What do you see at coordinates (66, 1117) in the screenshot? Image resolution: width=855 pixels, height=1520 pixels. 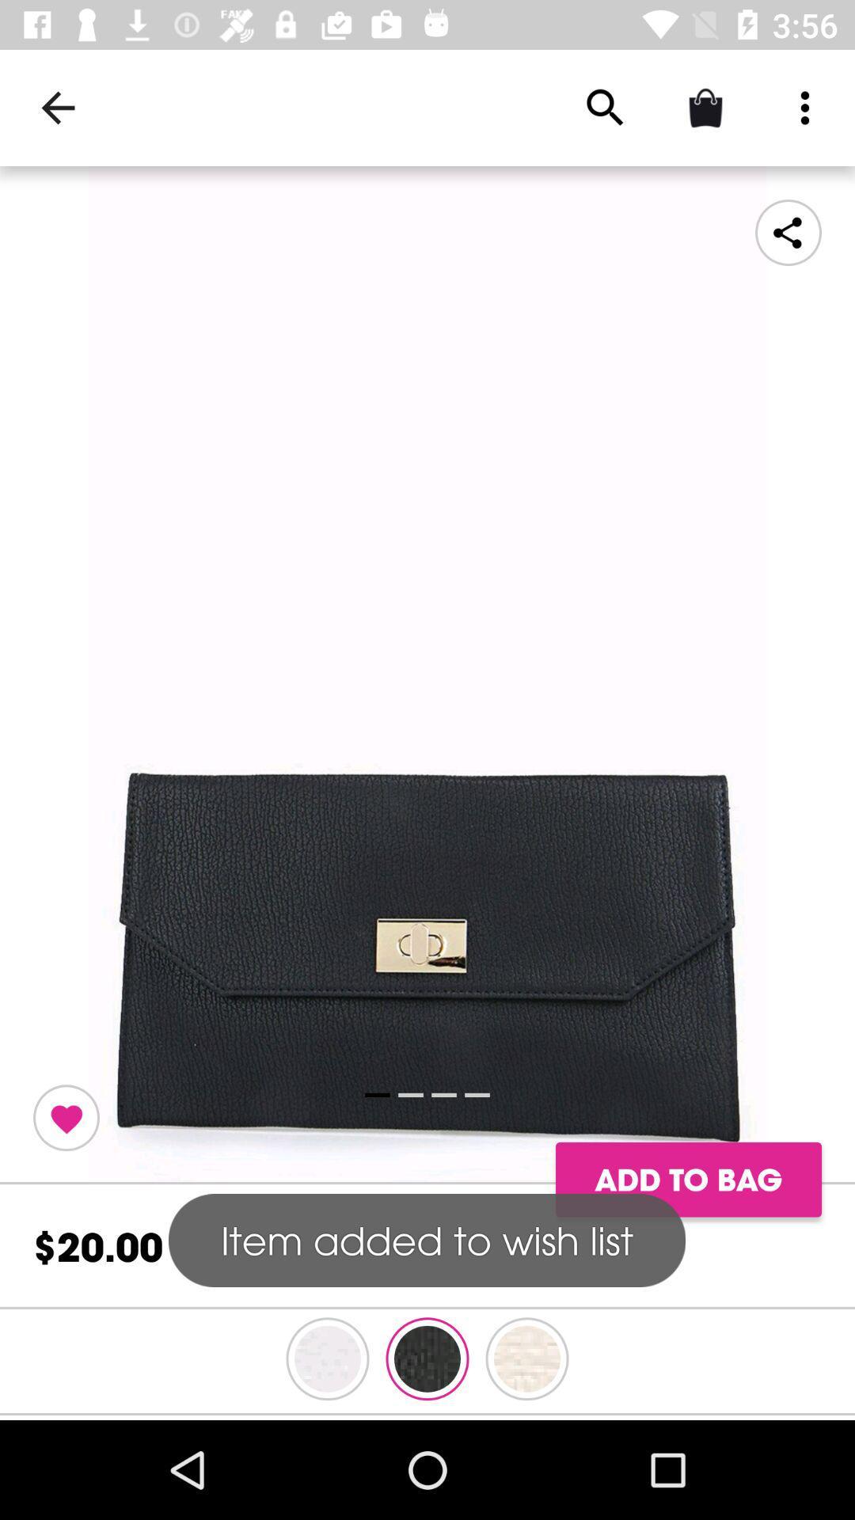 I see `favourite` at bounding box center [66, 1117].